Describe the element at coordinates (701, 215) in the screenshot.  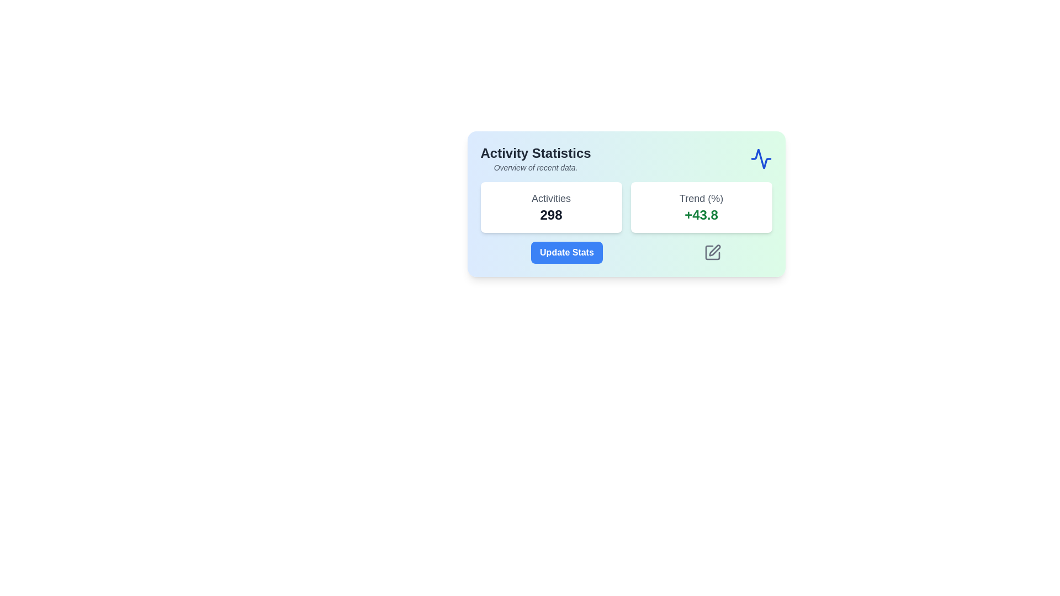
I see `the text displaying '+43.8' in bold green font located within the 'Trend (%)' panel` at that location.